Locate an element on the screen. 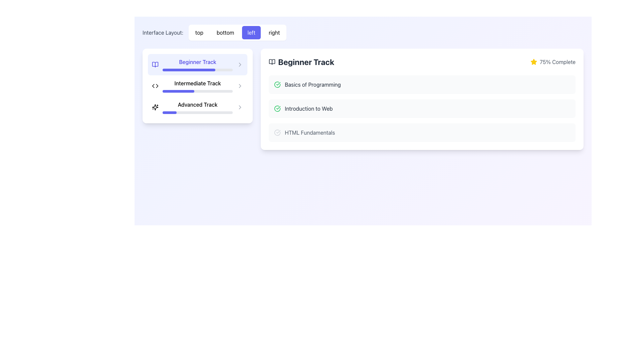  the 'Advanced Track' selectable list item is located at coordinates (197, 107).